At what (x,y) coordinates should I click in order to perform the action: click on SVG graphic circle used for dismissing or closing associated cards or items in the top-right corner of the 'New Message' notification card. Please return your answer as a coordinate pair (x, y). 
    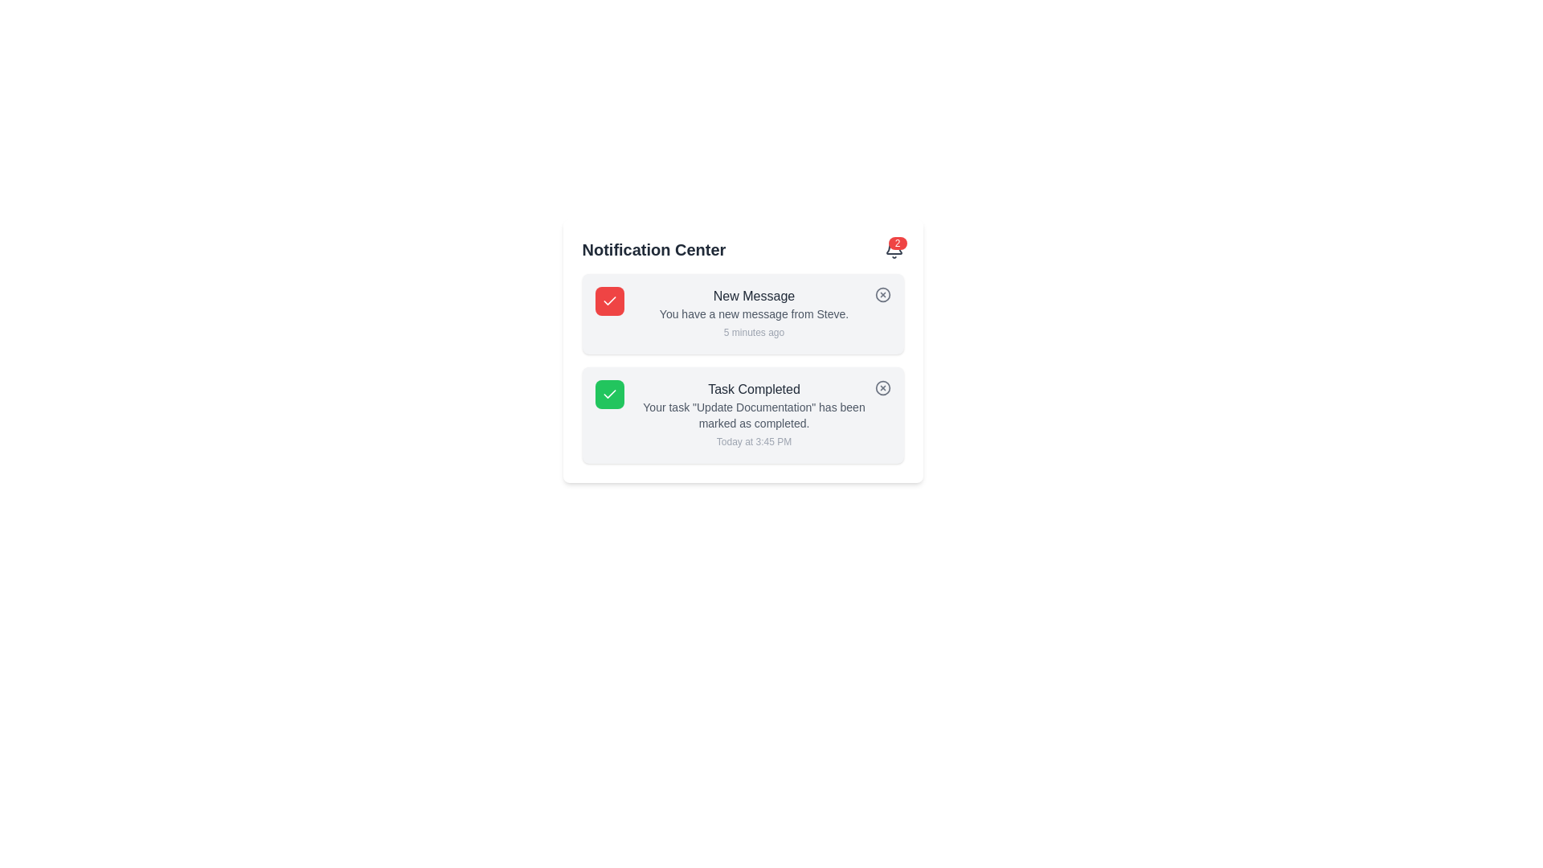
    Looking at the image, I should click on (882, 294).